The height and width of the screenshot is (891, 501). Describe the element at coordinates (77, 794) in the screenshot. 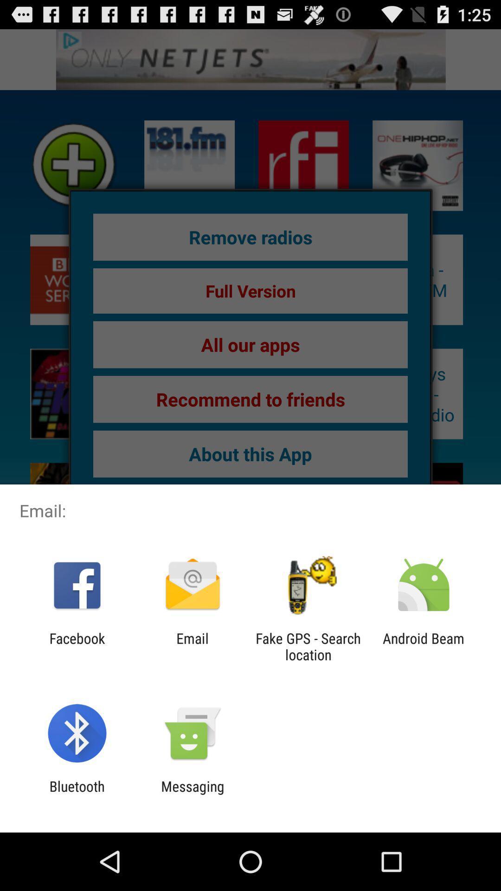

I see `the app next to the messaging app` at that location.